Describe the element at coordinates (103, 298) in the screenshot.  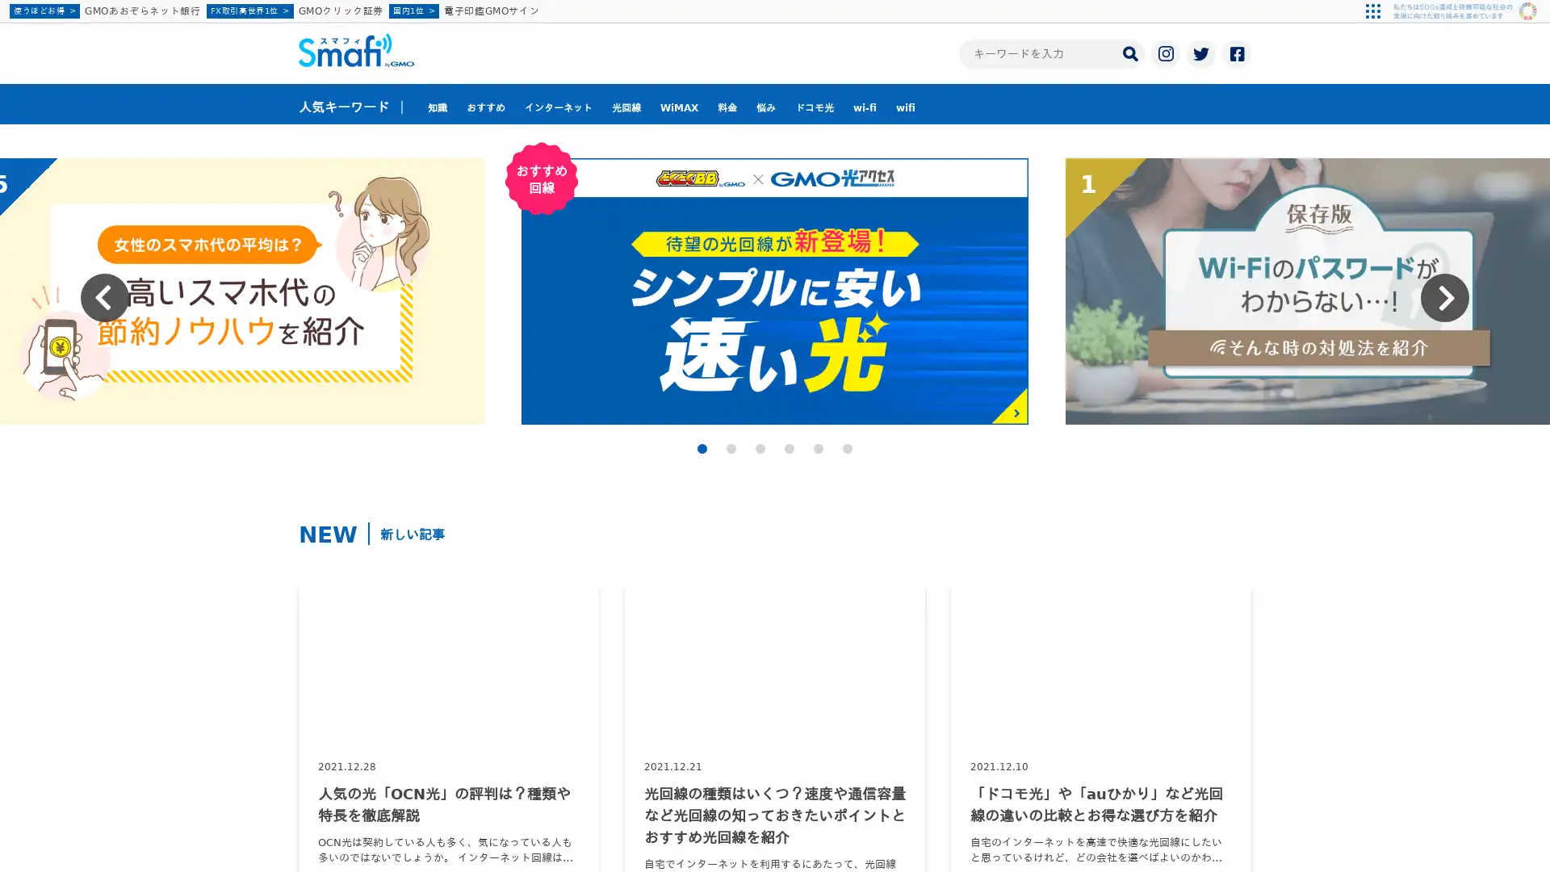
I see `Previous` at that location.